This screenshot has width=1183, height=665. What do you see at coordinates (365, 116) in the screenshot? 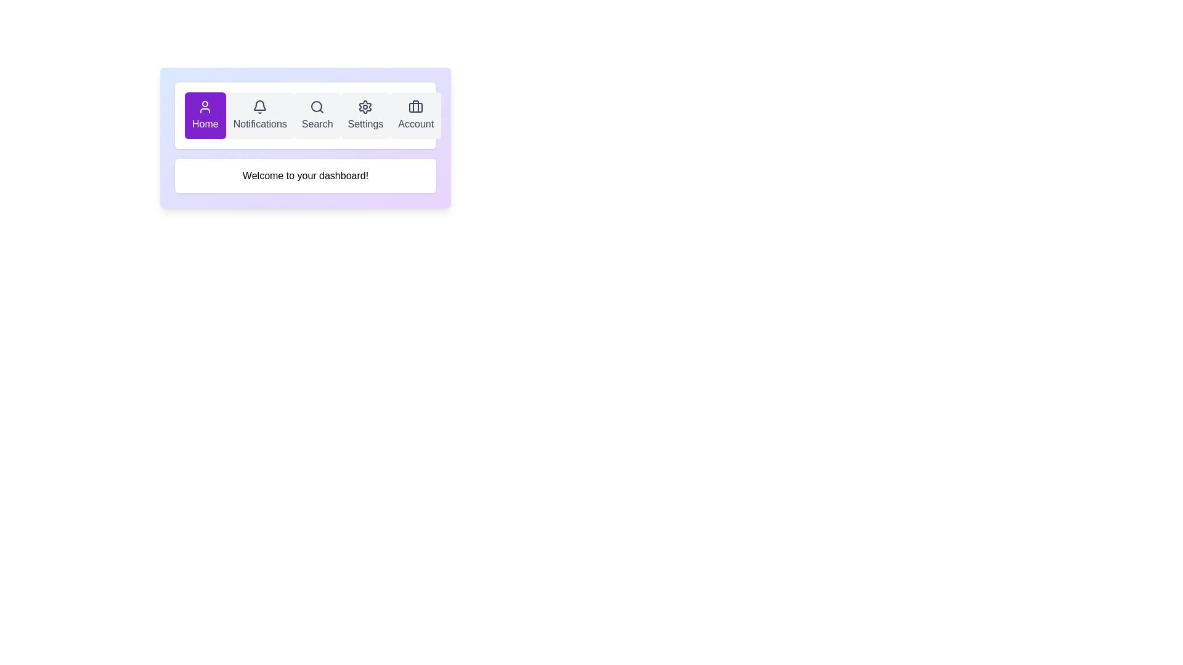
I see `the settings button located in the navigation bar, which is the fourth item from the left` at bounding box center [365, 116].